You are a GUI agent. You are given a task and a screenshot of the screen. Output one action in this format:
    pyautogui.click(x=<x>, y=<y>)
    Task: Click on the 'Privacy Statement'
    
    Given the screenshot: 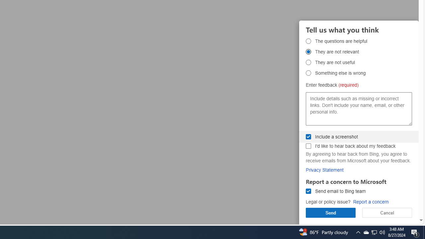 What is the action you would take?
    pyautogui.click(x=325, y=169)
    